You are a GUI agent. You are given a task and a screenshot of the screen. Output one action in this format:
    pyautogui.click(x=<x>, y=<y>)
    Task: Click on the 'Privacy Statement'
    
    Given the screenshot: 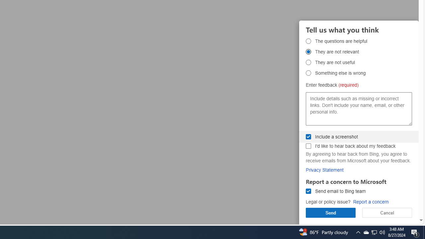 What is the action you would take?
    pyautogui.click(x=325, y=169)
    